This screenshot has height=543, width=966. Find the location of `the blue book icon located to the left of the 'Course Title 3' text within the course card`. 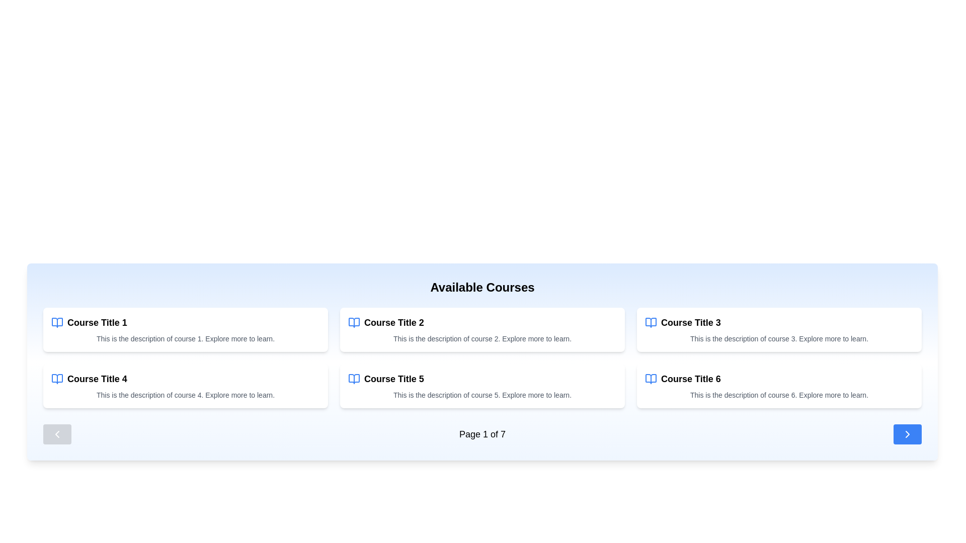

the blue book icon located to the left of the 'Course Title 3' text within the course card is located at coordinates (651, 322).